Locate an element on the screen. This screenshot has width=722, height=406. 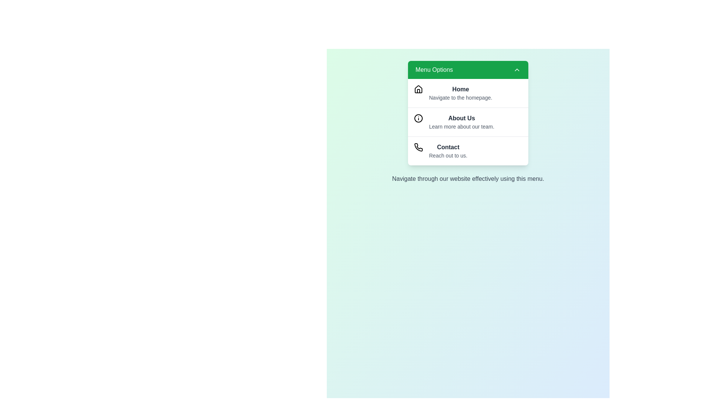
the menu option Contact by clicking on it is located at coordinates (467, 151).